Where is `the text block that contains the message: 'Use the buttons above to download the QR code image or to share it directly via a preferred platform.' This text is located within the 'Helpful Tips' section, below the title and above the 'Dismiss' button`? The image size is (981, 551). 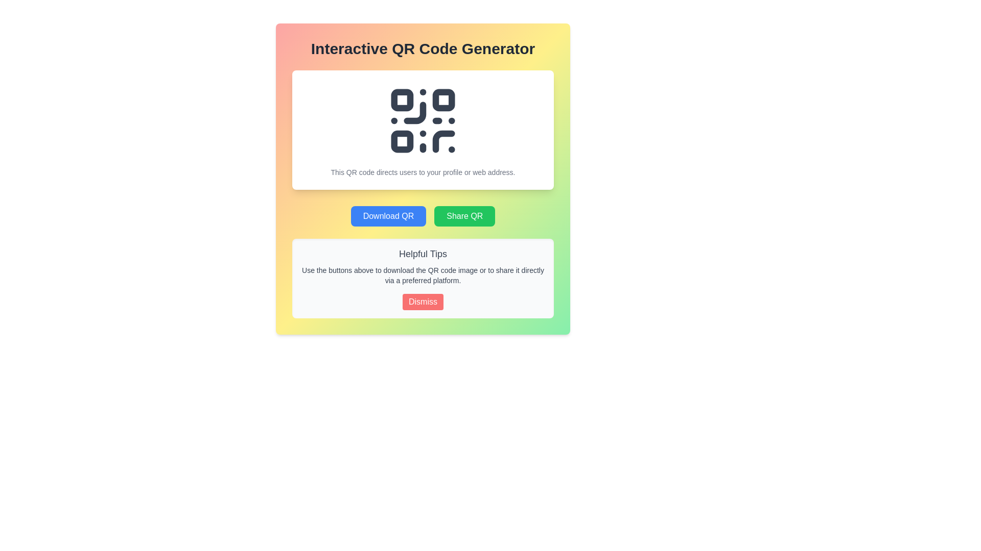
the text block that contains the message: 'Use the buttons above to download the QR code image or to share it directly via a preferred platform.' This text is located within the 'Helpful Tips' section, below the title and above the 'Dismiss' button is located at coordinates (423, 275).